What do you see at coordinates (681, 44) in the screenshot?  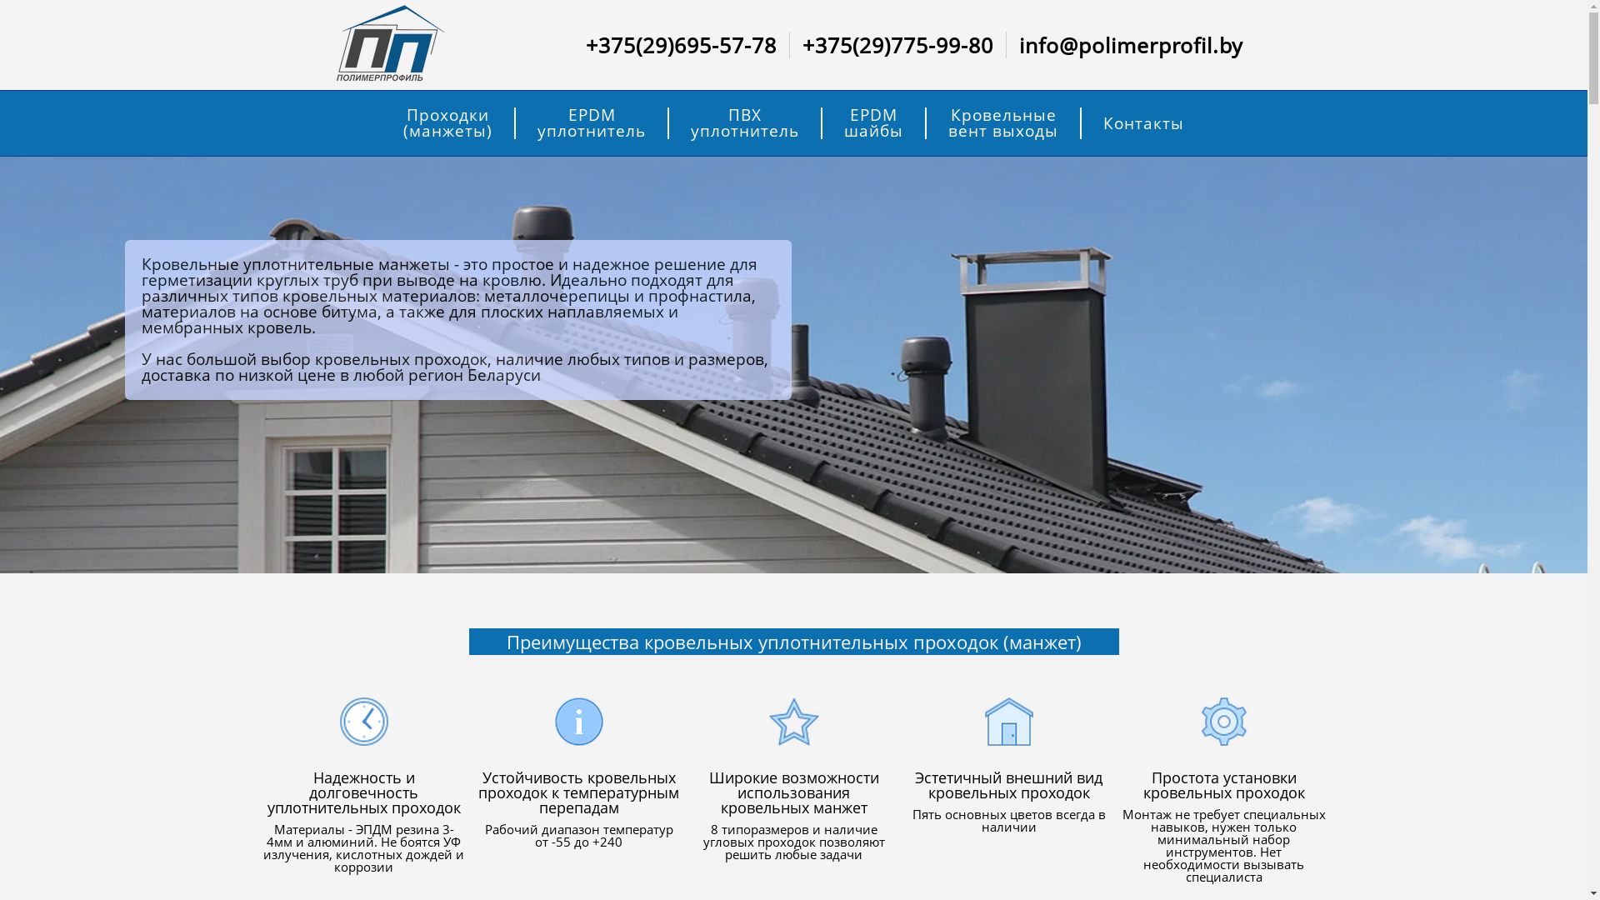 I see `'+375(29)695-57-78'` at bounding box center [681, 44].